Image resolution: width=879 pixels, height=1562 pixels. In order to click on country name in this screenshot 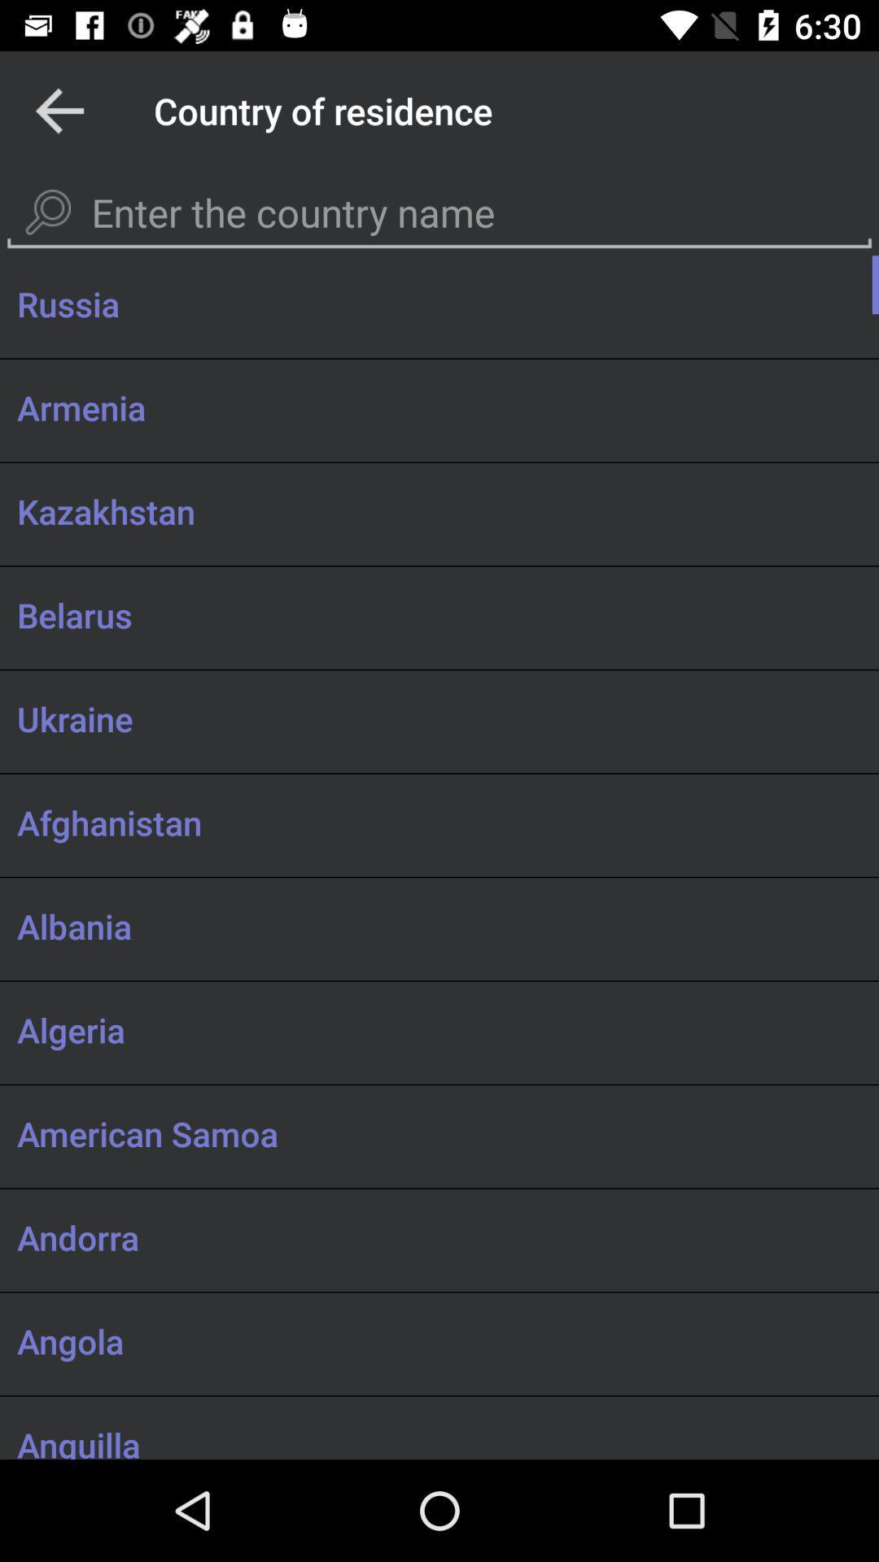, I will do `click(439, 212)`.